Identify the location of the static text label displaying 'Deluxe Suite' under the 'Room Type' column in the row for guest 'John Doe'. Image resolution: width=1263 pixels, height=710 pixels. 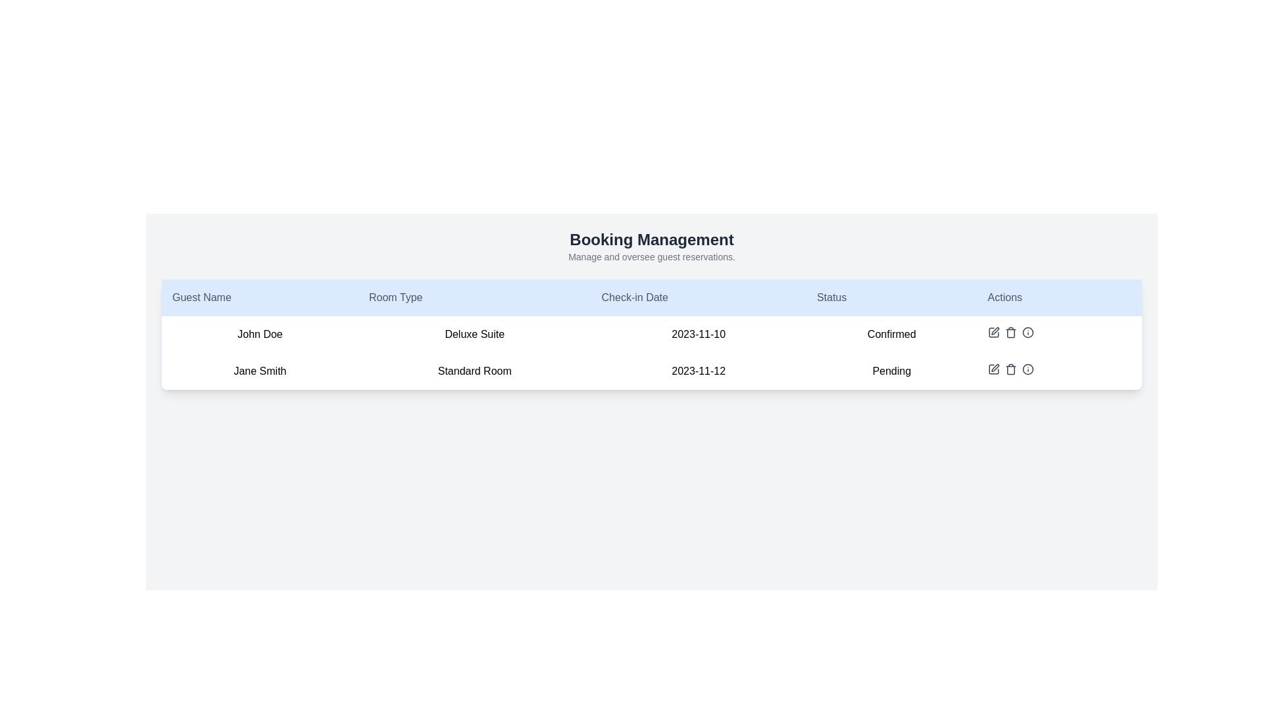
(474, 334).